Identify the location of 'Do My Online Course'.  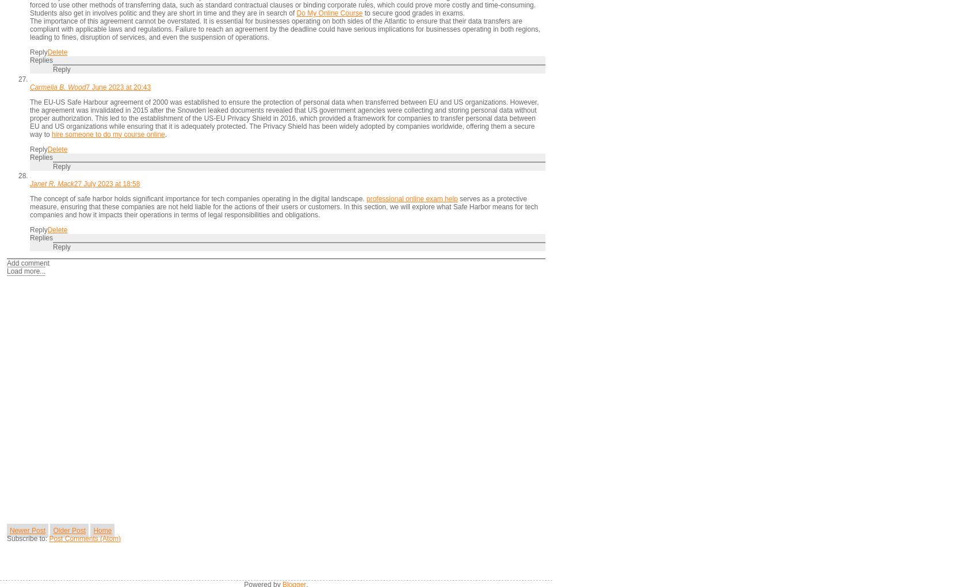
(329, 12).